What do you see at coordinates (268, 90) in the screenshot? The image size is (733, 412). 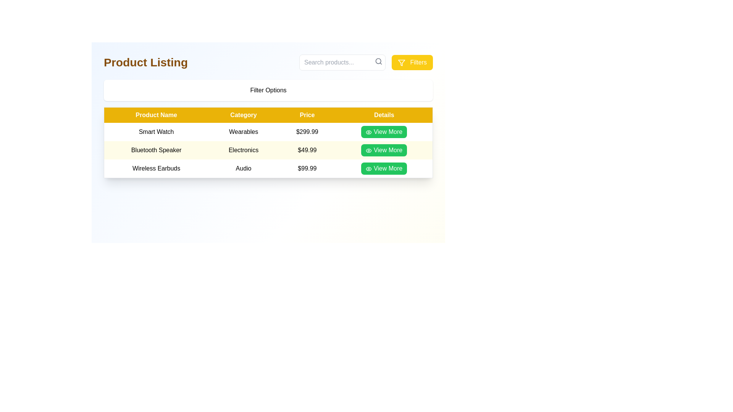 I see `the text label that indicates the context of the section below, positioned in a white block with rounded corners and a drop-shadow effect, located below the 'Product Listing' title` at bounding box center [268, 90].